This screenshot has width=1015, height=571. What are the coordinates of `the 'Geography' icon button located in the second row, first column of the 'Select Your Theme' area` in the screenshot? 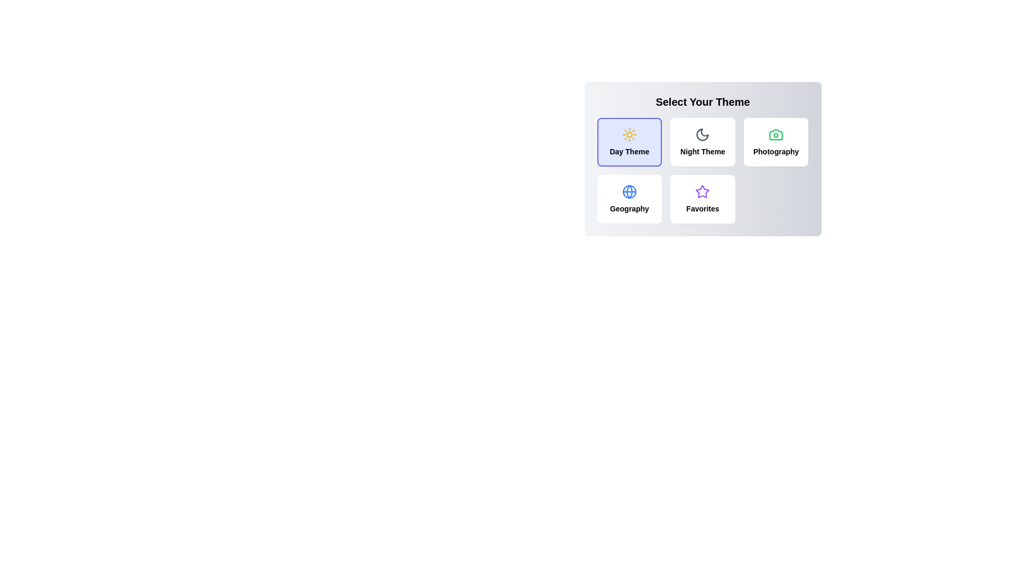 It's located at (629, 191).